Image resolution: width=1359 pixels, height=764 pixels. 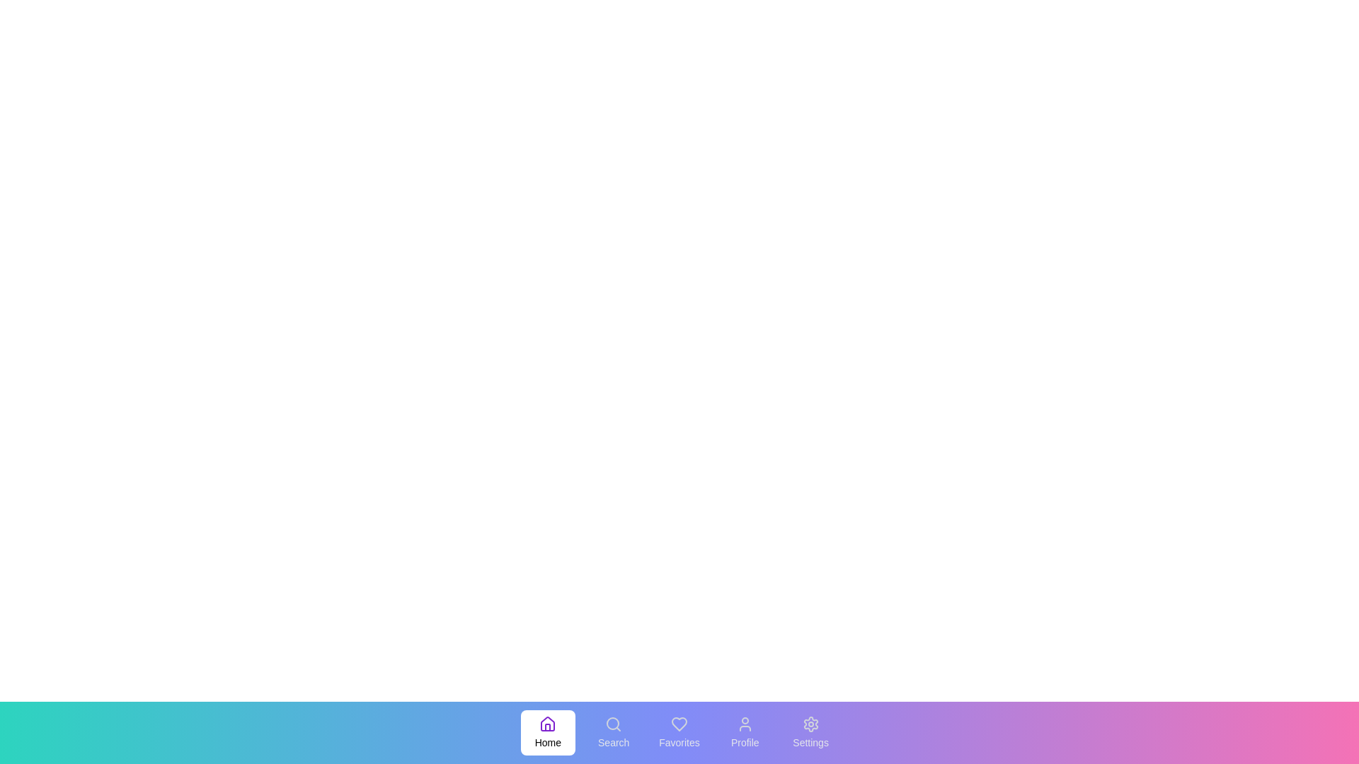 I want to click on the menu item labeled Settings, so click(x=811, y=732).